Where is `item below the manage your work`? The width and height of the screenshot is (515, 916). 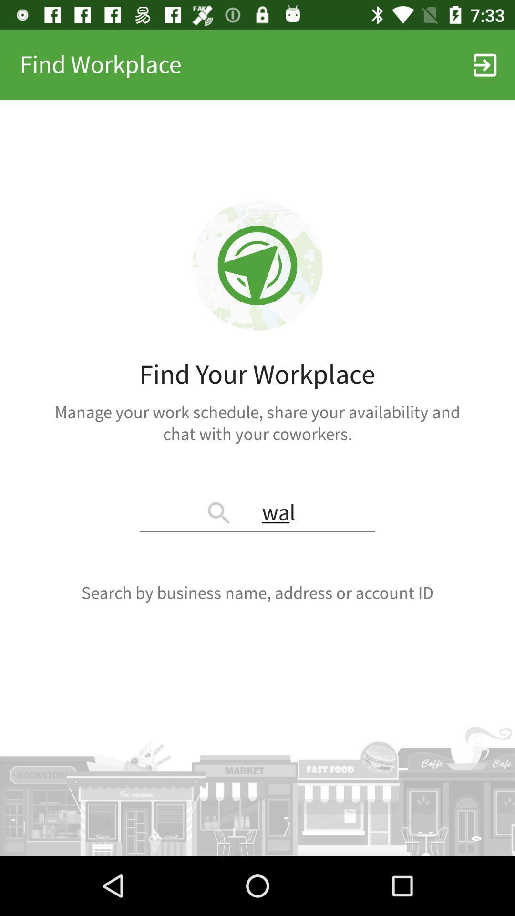 item below the manage your work is located at coordinates (257, 513).